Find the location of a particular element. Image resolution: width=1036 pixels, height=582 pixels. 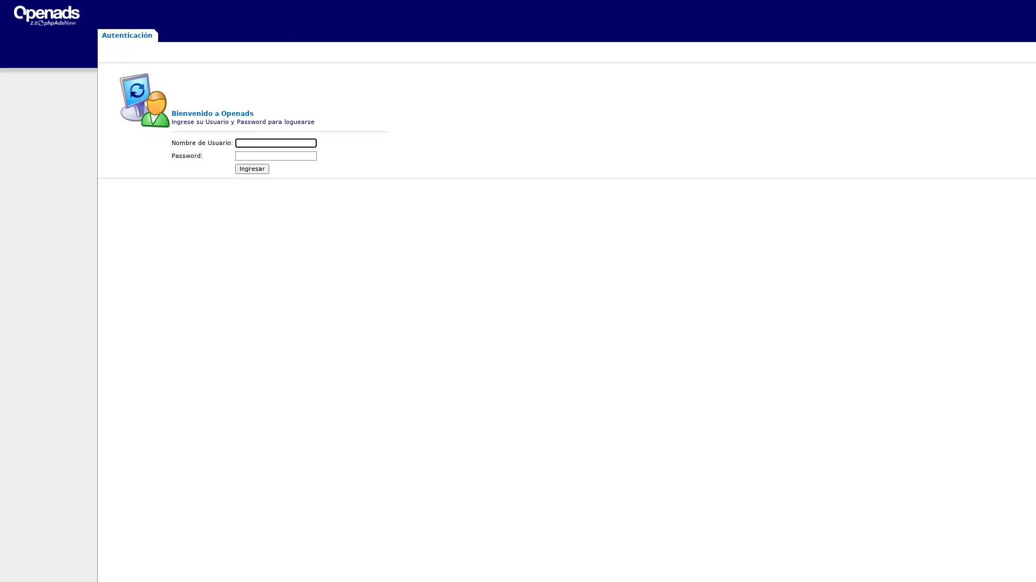

Ingresar is located at coordinates (251, 168).